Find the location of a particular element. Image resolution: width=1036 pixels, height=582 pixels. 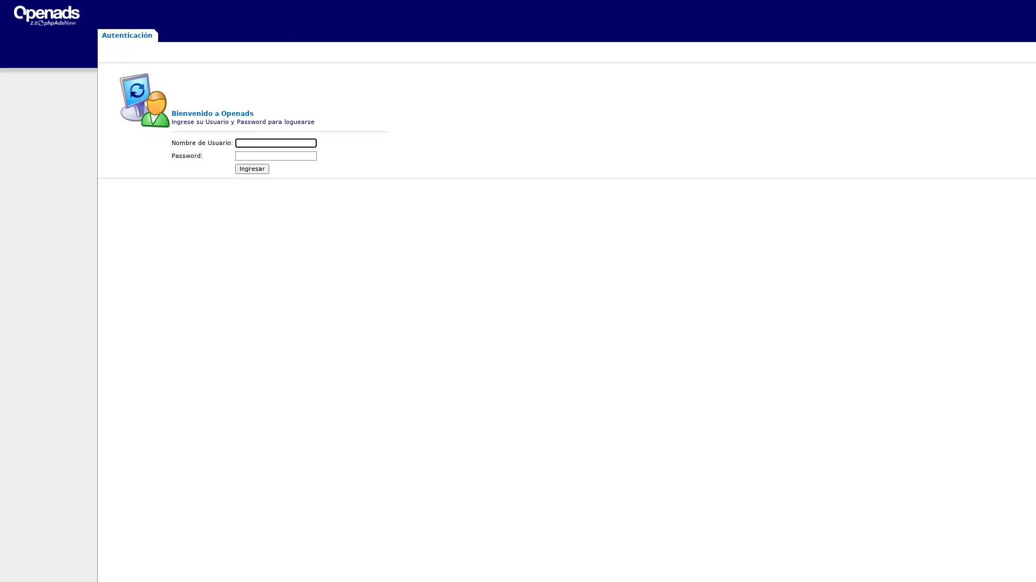

Ingresar is located at coordinates (251, 168).